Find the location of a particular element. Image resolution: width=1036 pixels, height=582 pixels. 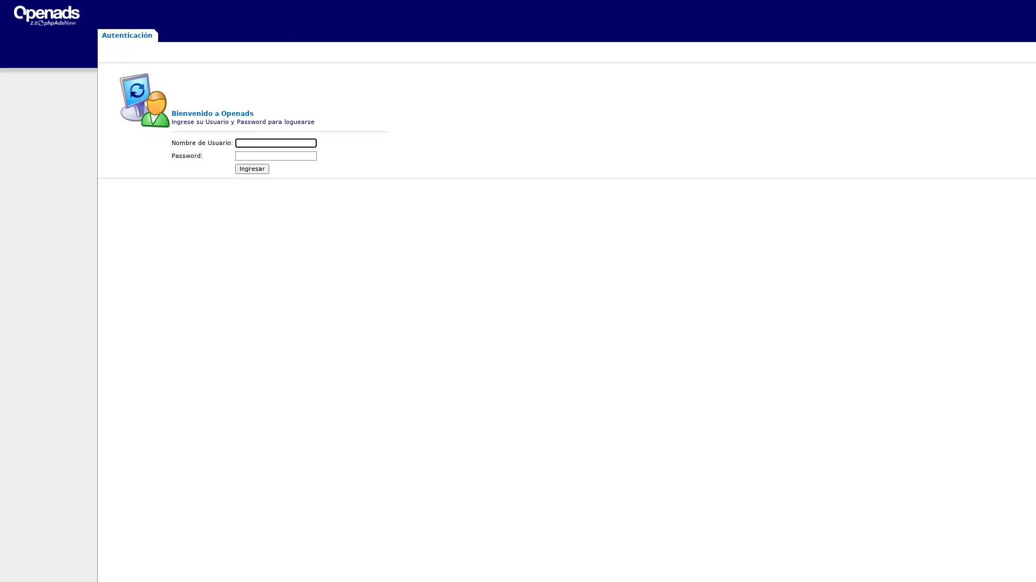

Ingresar is located at coordinates (251, 168).